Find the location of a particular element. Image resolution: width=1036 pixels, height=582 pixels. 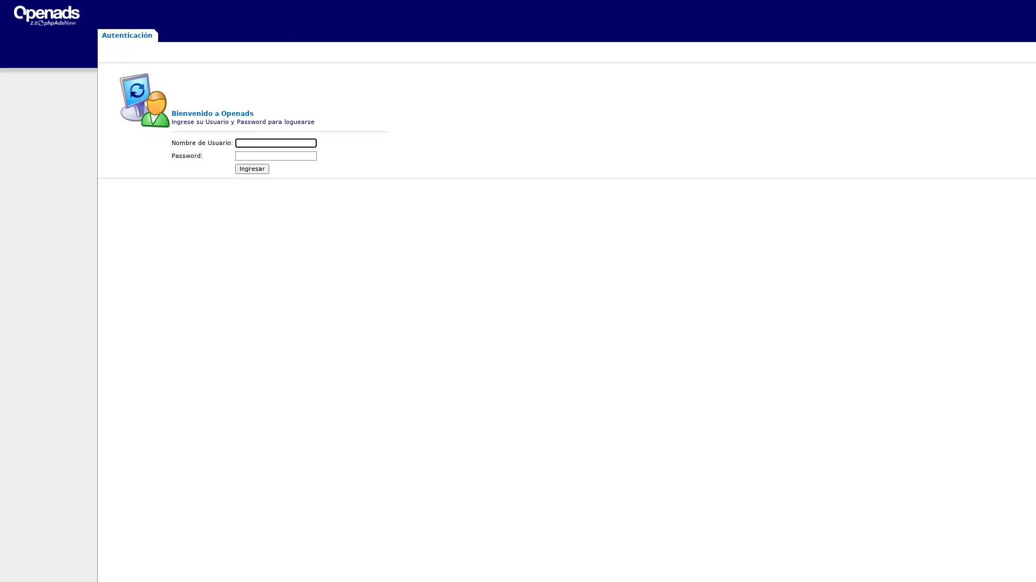

Ingresar is located at coordinates (251, 168).